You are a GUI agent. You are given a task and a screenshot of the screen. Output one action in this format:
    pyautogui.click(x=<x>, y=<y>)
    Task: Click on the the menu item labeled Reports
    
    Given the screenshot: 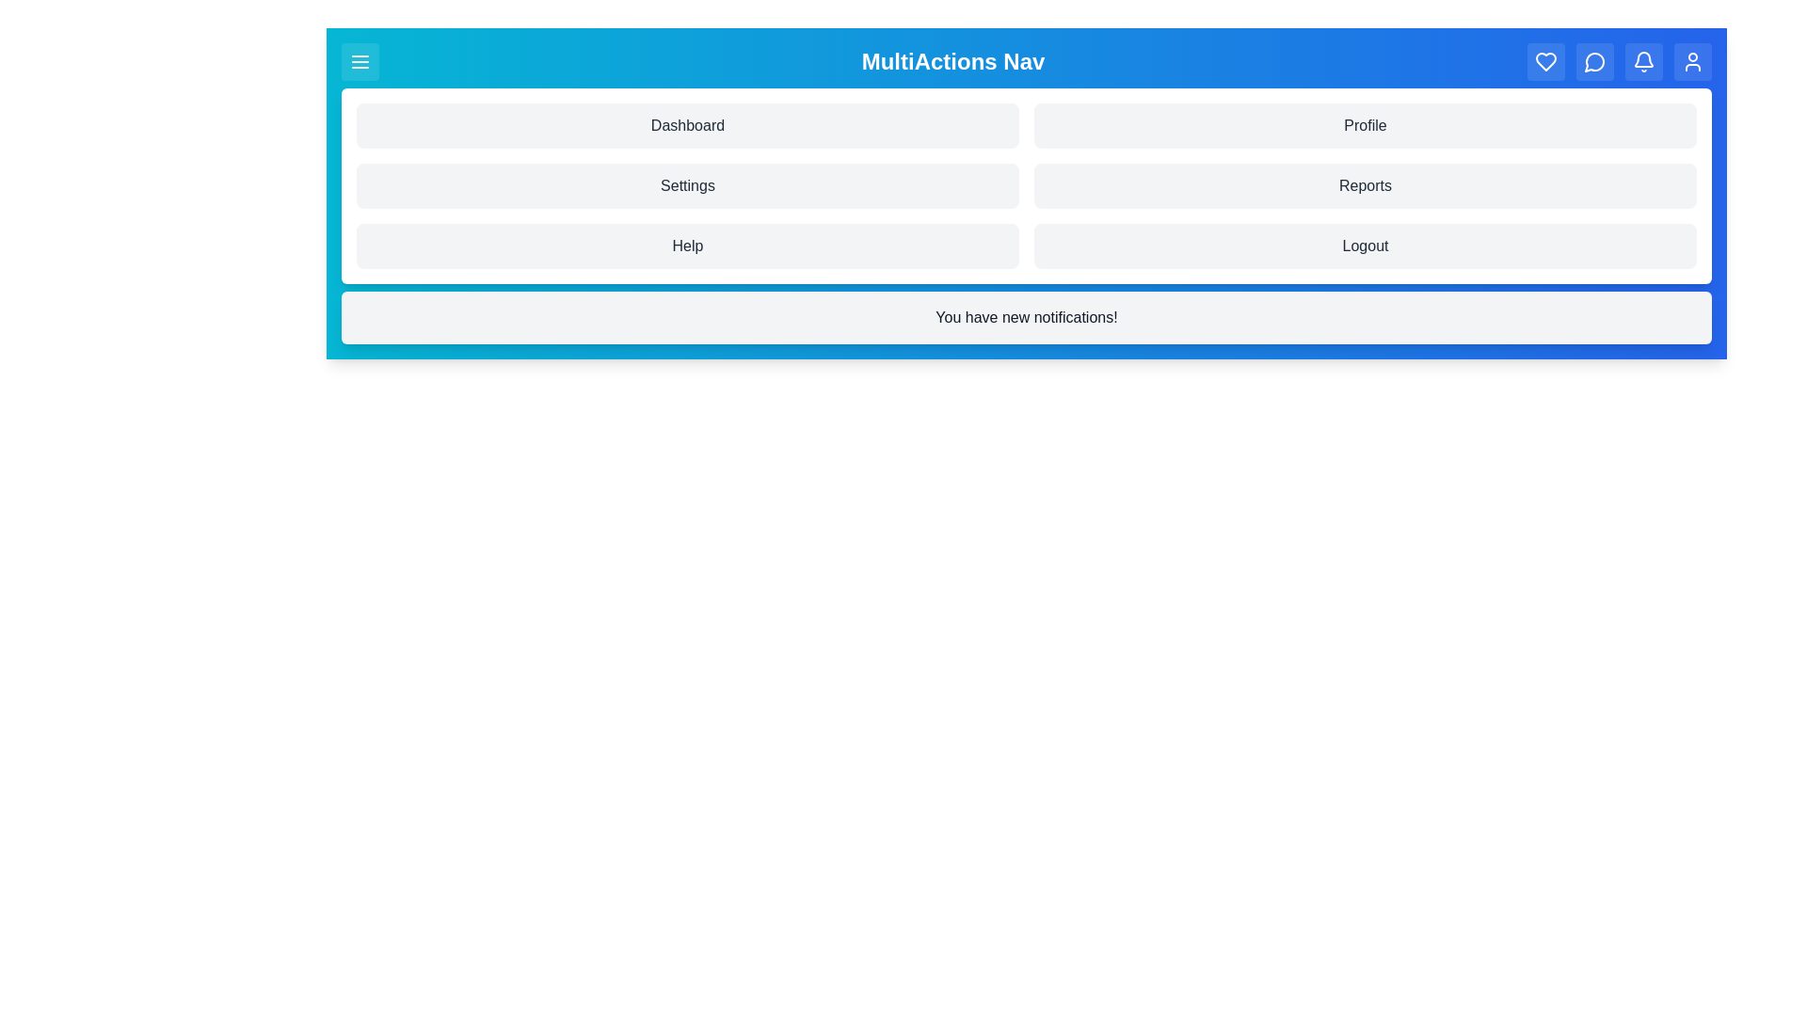 What is the action you would take?
    pyautogui.click(x=1365, y=185)
    